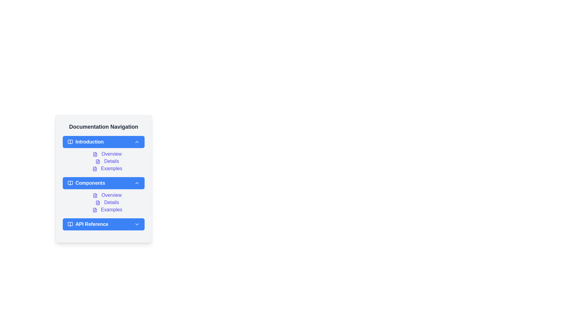 The image size is (582, 327). Describe the element at coordinates (85, 142) in the screenshot. I see `the text label 'Introduction' with an associated open book icon inside the blue navigational button` at that location.